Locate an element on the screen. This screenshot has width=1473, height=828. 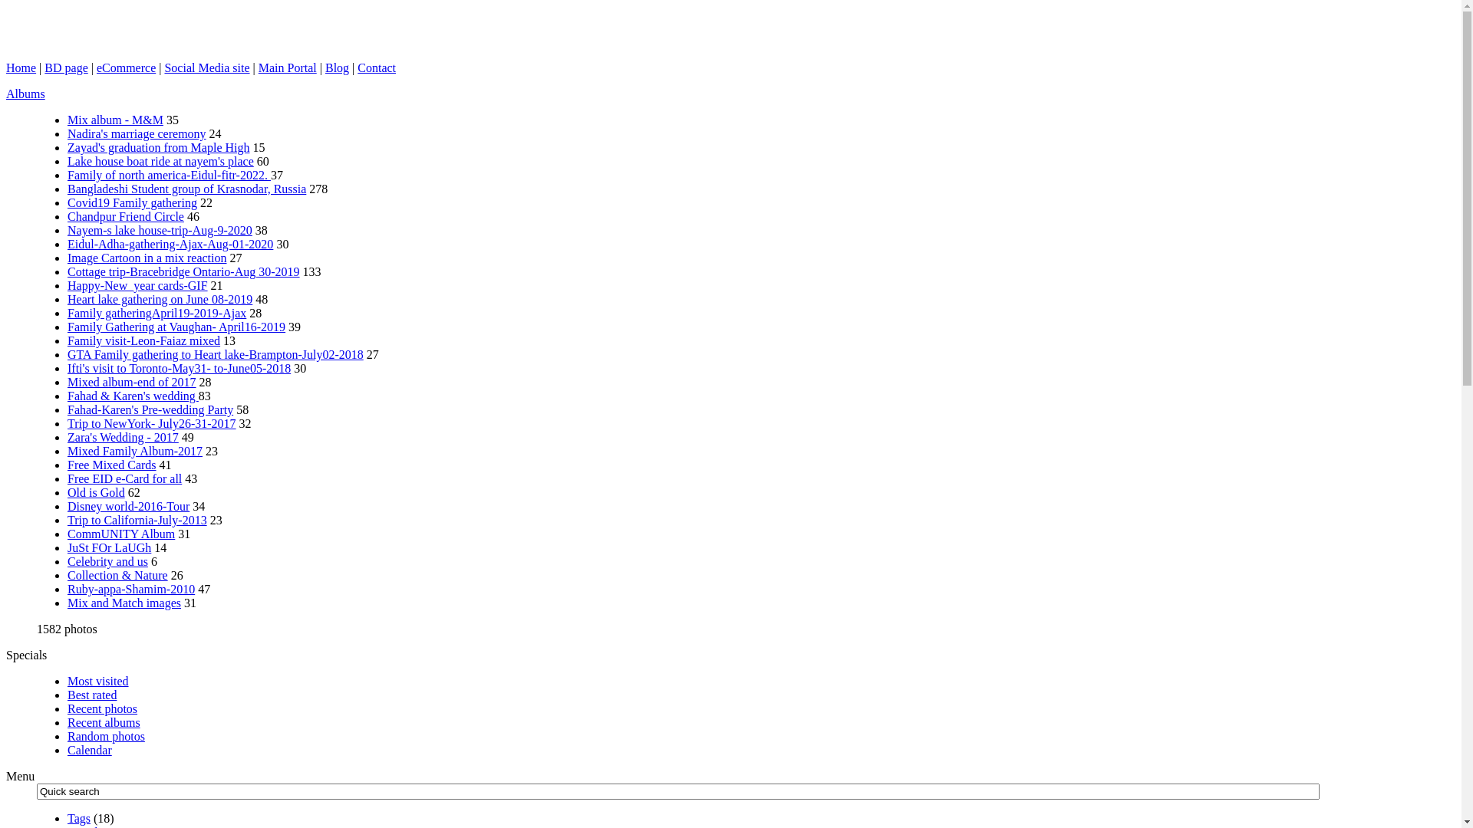
'Disney world-2016-Tour' is located at coordinates (128, 506).